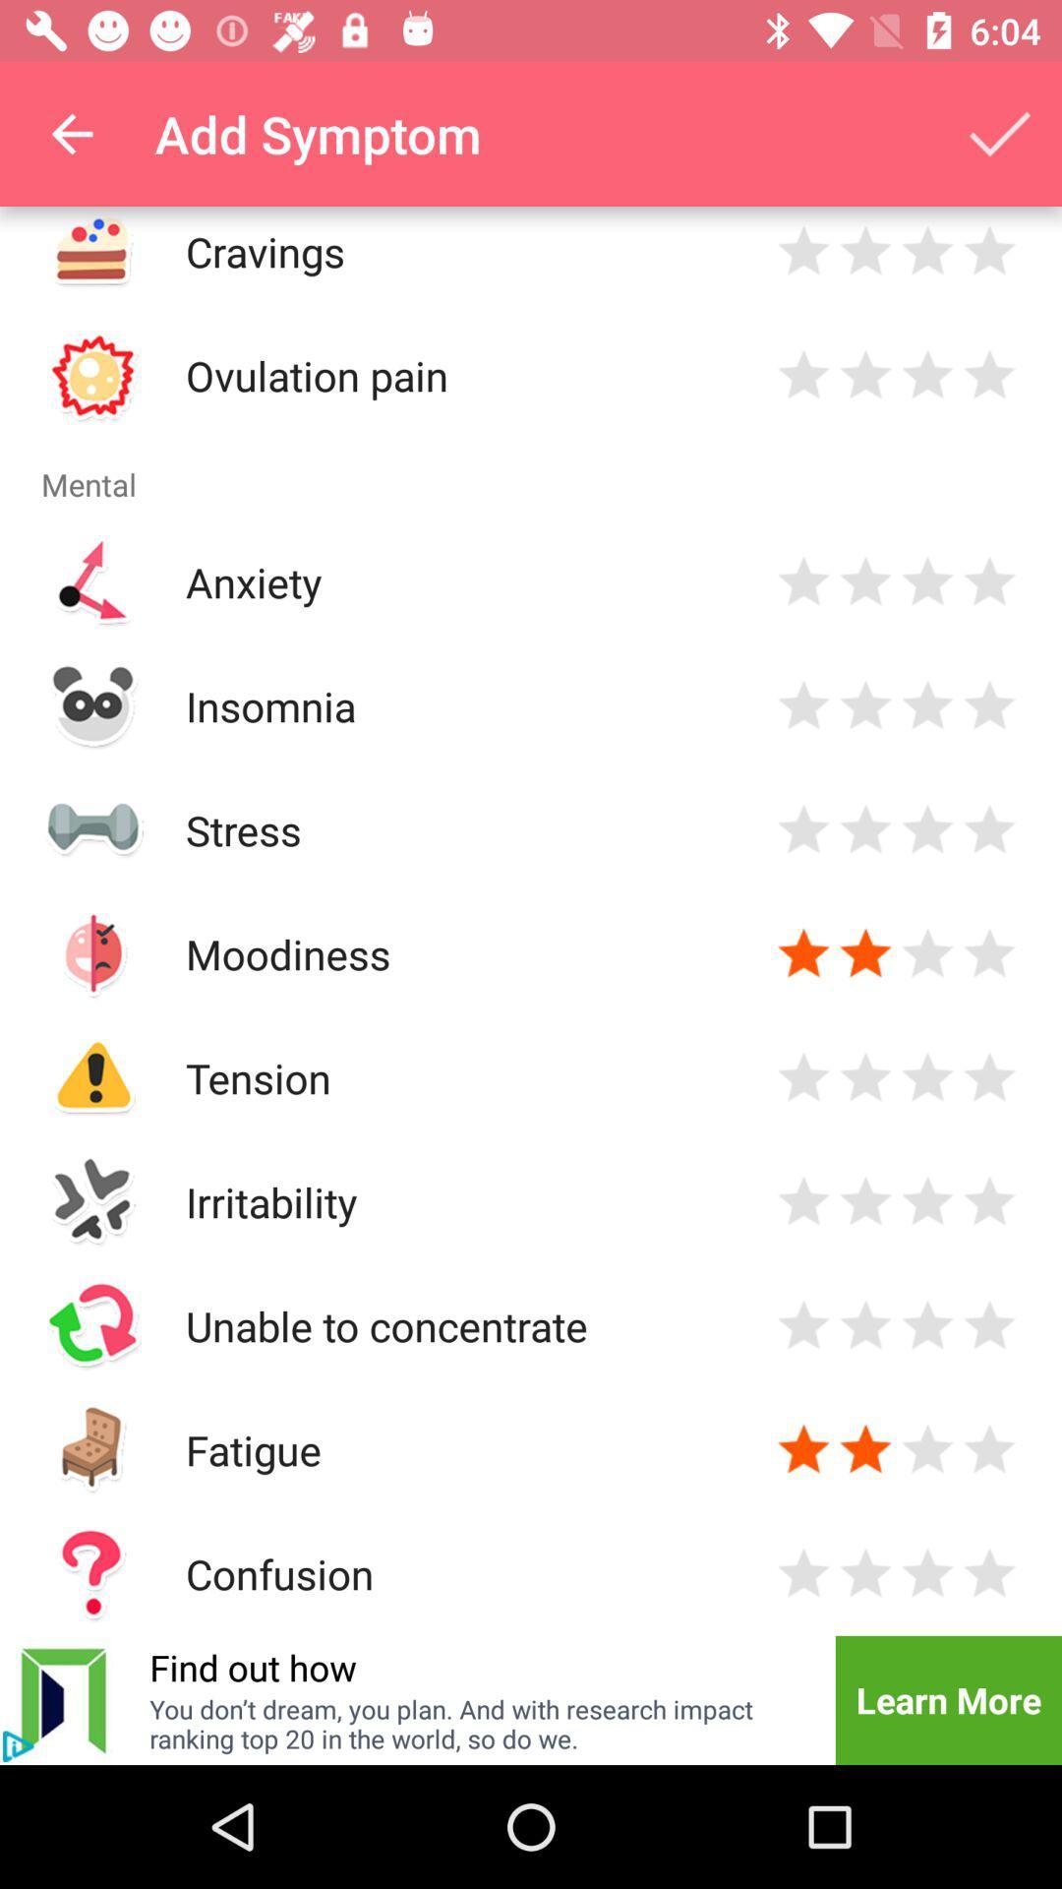 The height and width of the screenshot is (1889, 1062). I want to click on choose a middling severity for the symptom anxiety, so click(927, 580).